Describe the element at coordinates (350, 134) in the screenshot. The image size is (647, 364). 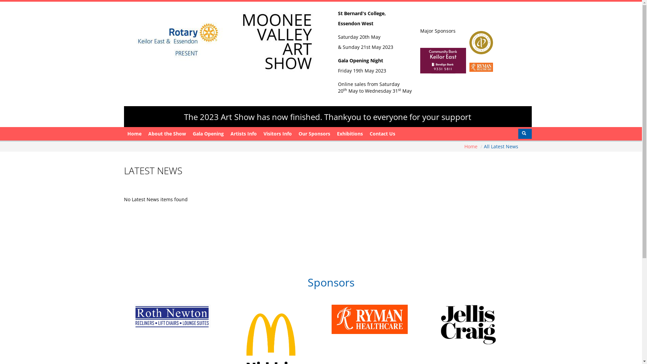
I see `'Exhibitions'` at that location.